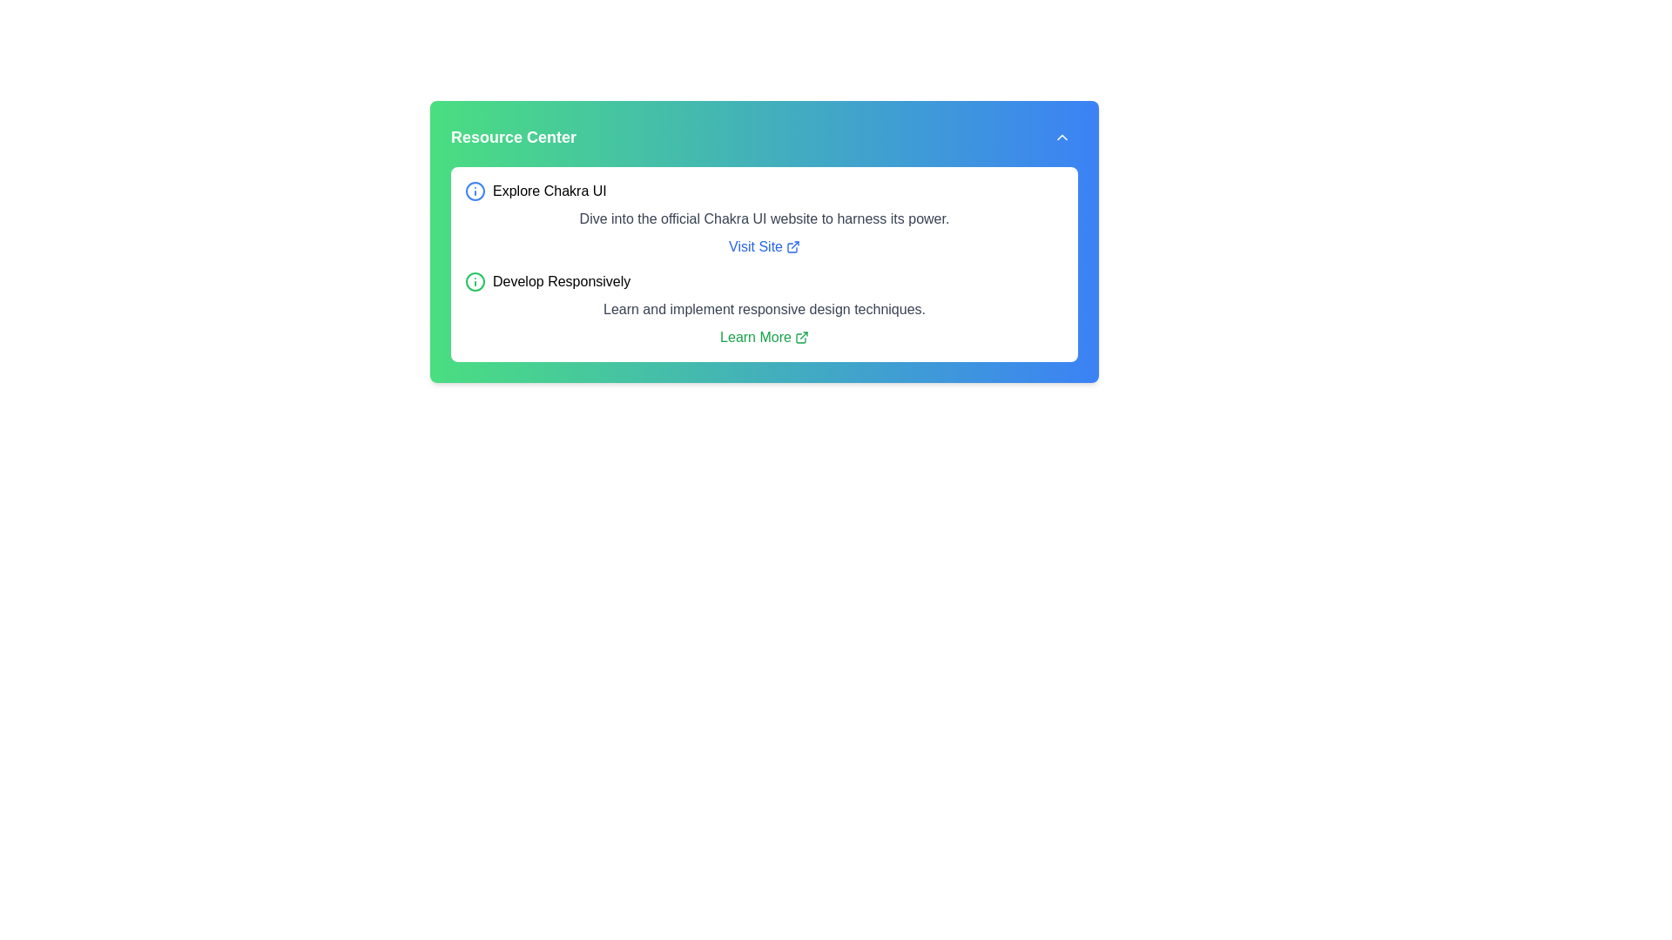 The height and width of the screenshot is (940, 1672). What do you see at coordinates (765, 265) in the screenshot?
I see `the Content block with links that has a white background, rounded corners, and contains the subsection titles 'Explore Chakra UI' and 'Develop Responsively'` at bounding box center [765, 265].